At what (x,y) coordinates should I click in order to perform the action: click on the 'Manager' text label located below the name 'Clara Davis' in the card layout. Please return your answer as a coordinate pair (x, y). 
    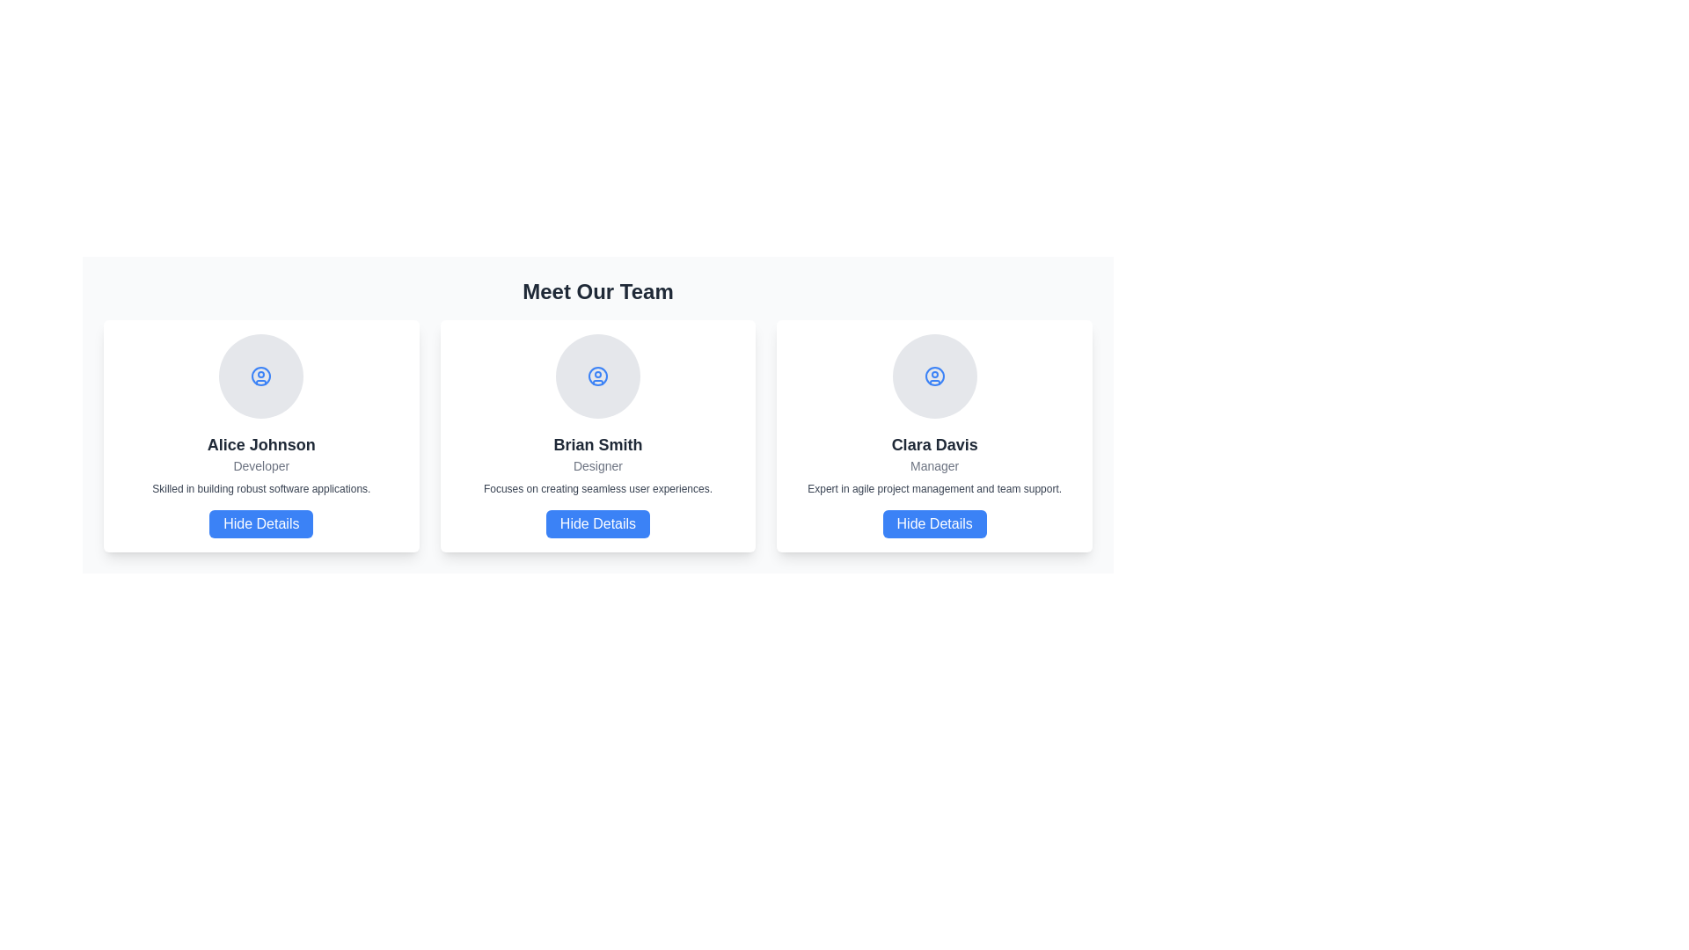
    Looking at the image, I should click on (933, 464).